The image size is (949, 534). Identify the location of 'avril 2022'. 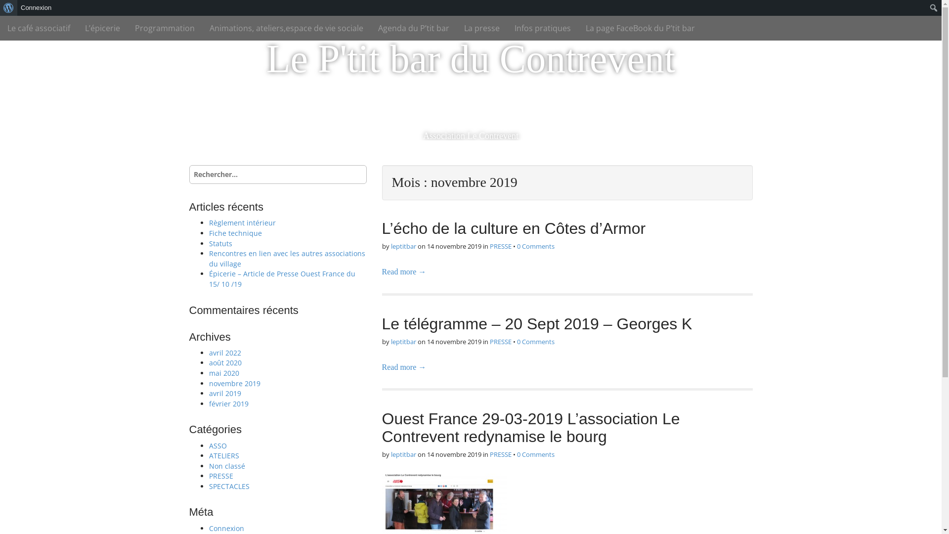
(224, 352).